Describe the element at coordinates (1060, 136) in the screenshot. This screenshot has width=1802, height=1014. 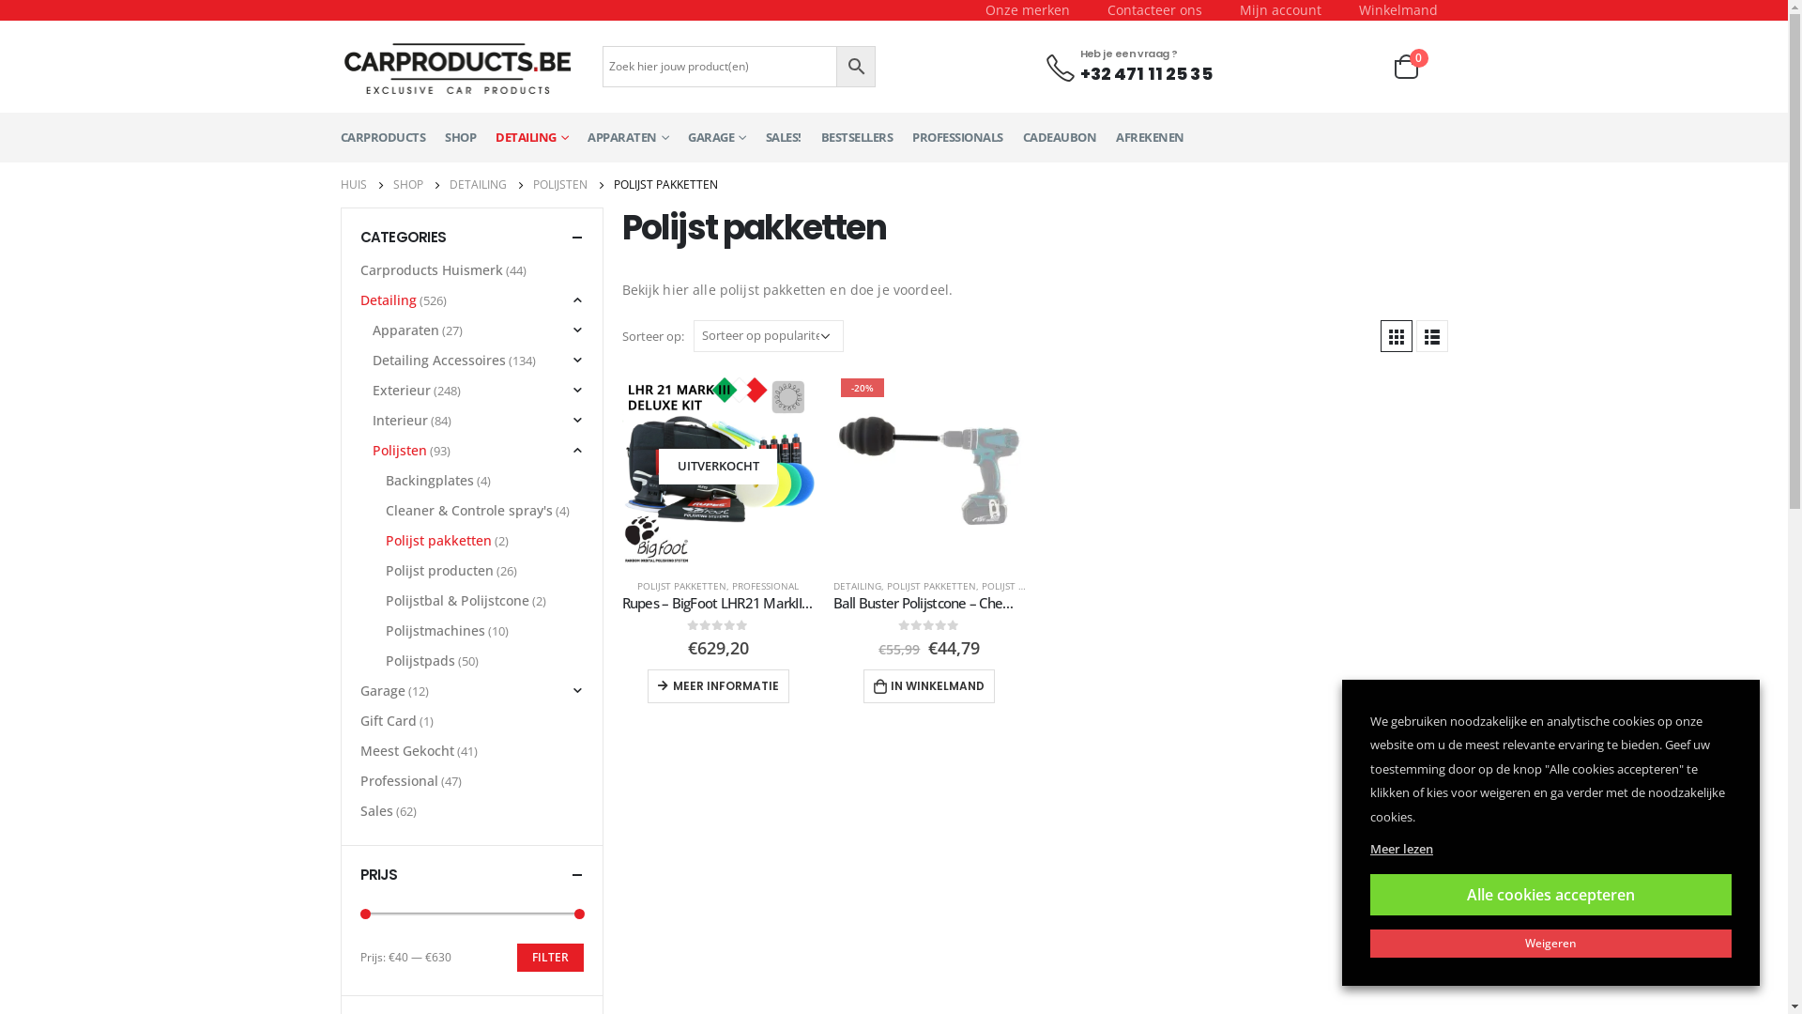
I see `'CADEAUBON'` at that location.